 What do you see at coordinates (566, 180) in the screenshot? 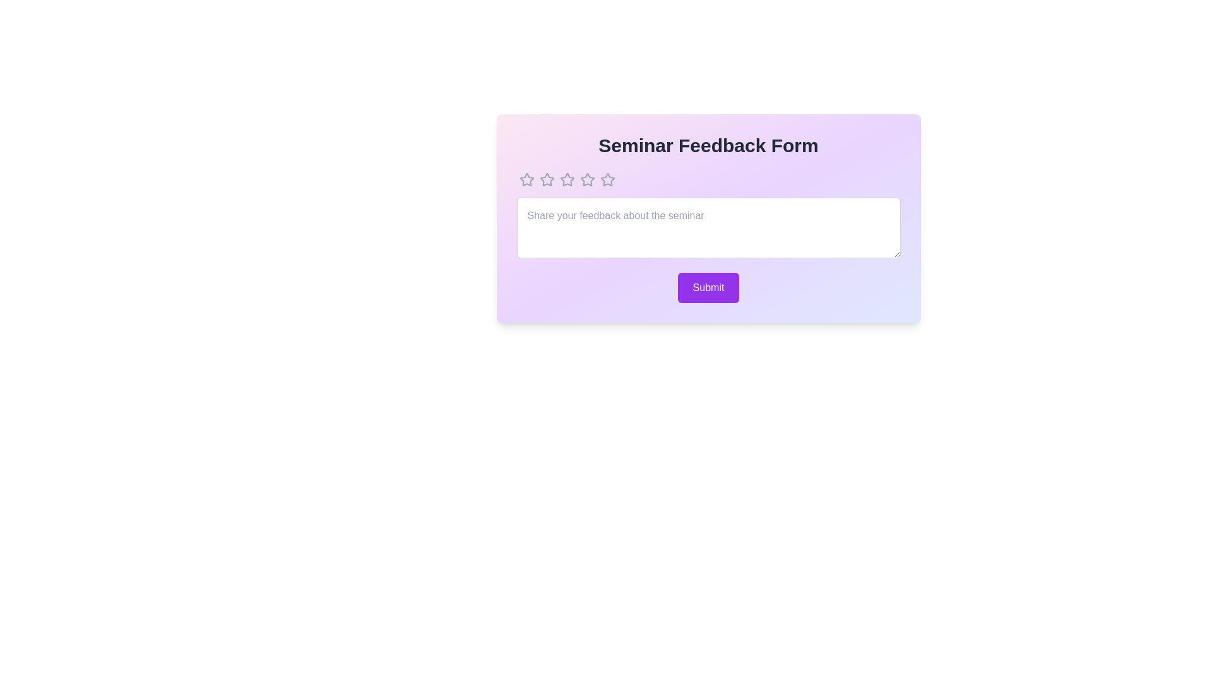
I see `the star to set the rating to 3 stars` at bounding box center [566, 180].